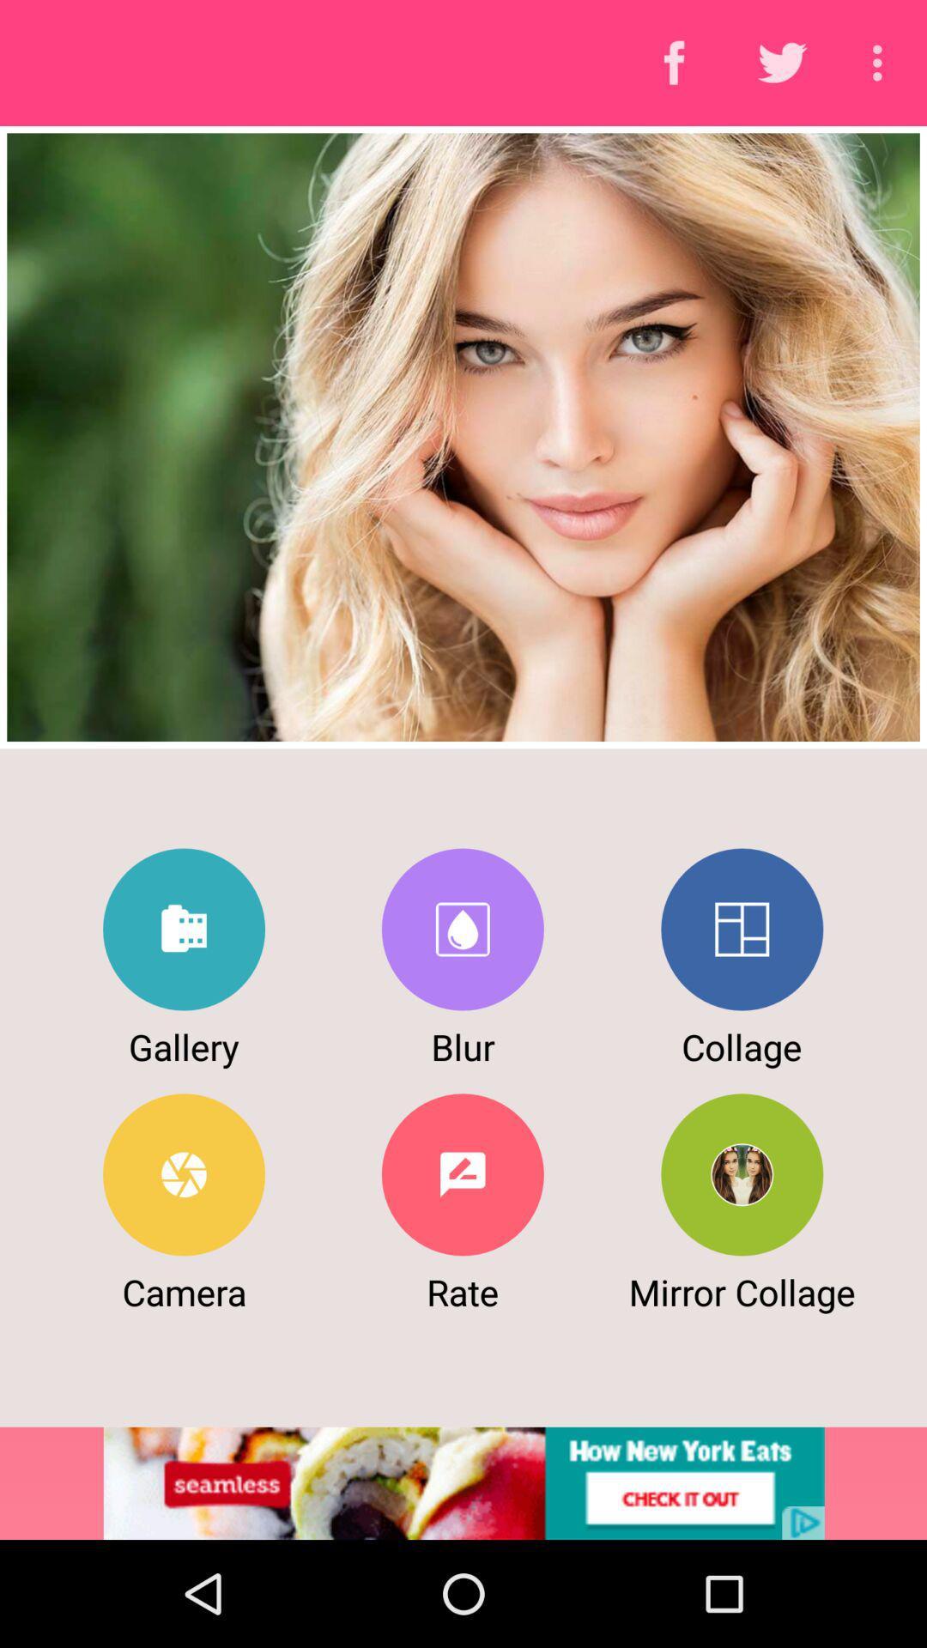 This screenshot has height=1648, width=927. Describe the element at coordinates (184, 1173) in the screenshot. I see `open camera tab` at that location.